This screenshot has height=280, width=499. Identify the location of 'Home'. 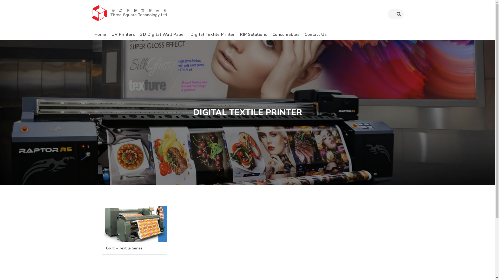
(100, 34).